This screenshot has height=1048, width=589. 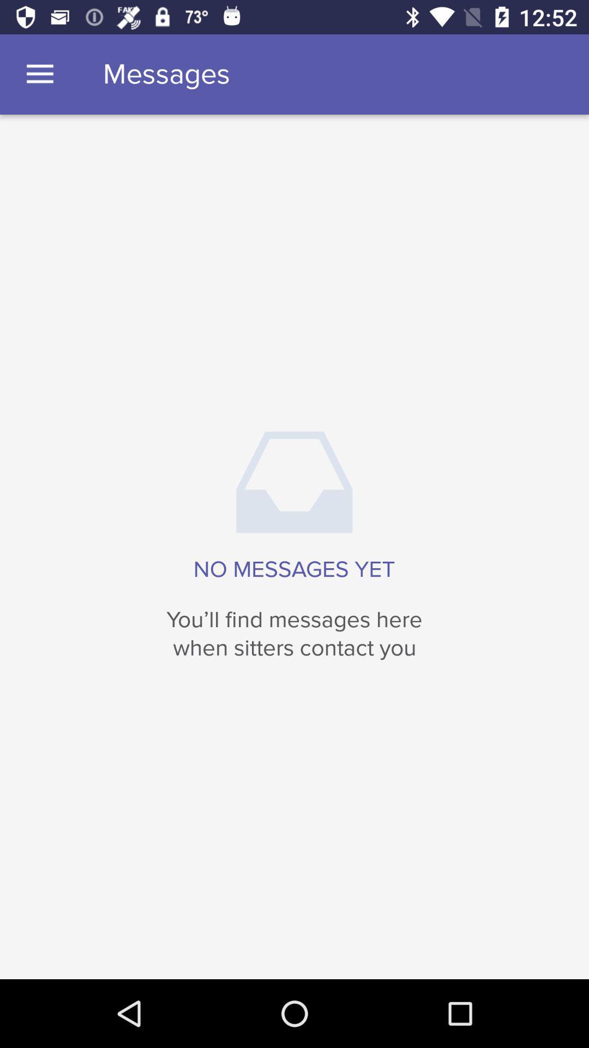 What do you see at coordinates (39, 74) in the screenshot?
I see `the icon to the left of messages item` at bounding box center [39, 74].